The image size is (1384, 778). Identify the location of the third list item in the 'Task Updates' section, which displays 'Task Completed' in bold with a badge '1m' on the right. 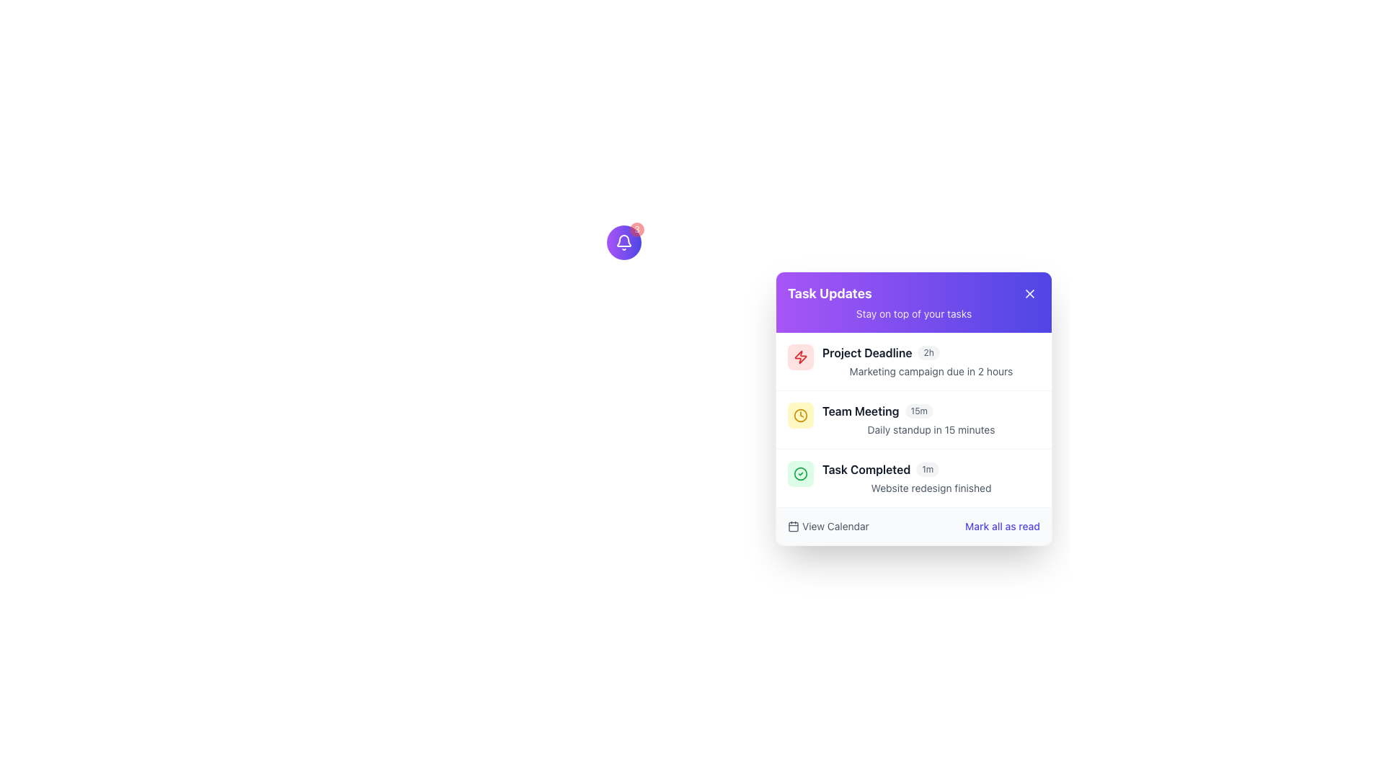
(931, 469).